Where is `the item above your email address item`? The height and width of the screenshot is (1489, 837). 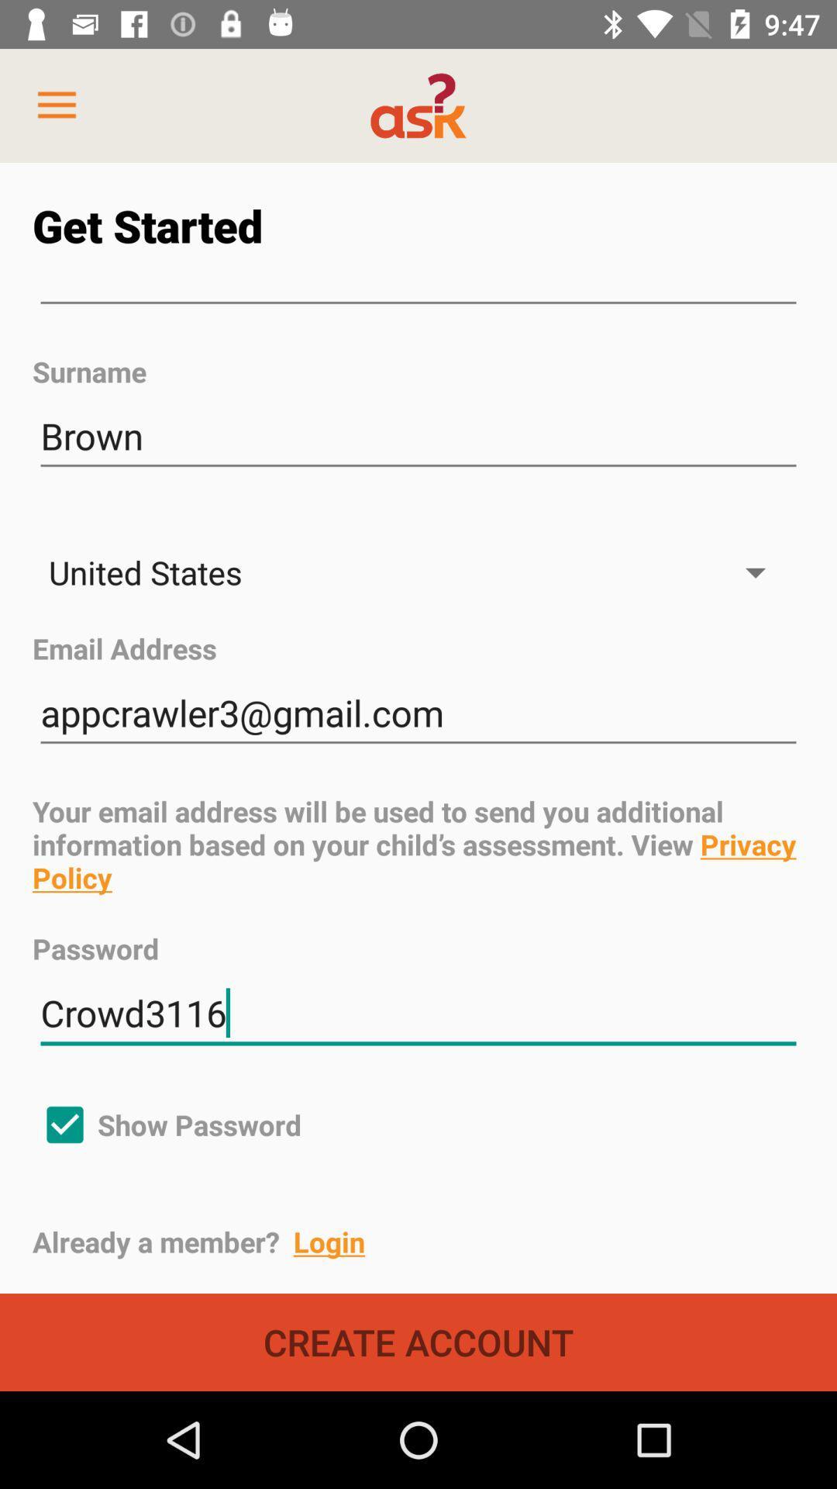
the item above your email address item is located at coordinates (418, 713).